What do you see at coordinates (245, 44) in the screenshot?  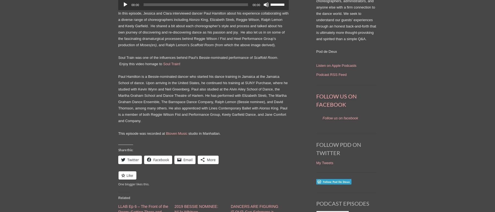 I see `'(from which the above image derived).'` at bounding box center [245, 44].